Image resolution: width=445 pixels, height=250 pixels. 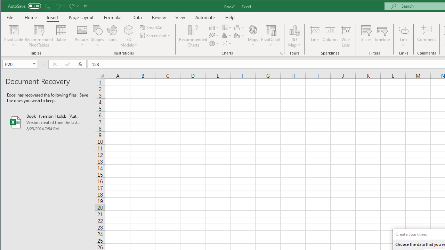 I want to click on '3D Models', so click(x=129, y=36).